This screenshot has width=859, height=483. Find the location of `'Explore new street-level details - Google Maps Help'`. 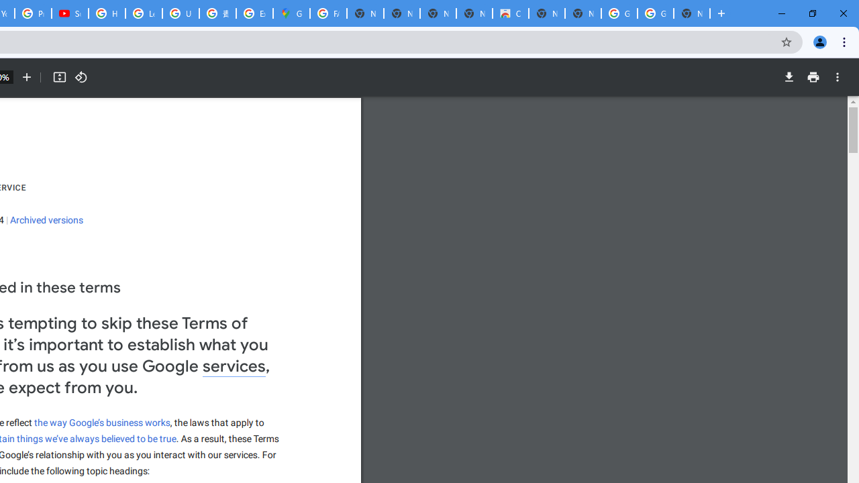

'Explore new street-level details - Google Maps Help' is located at coordinates (254, 13).